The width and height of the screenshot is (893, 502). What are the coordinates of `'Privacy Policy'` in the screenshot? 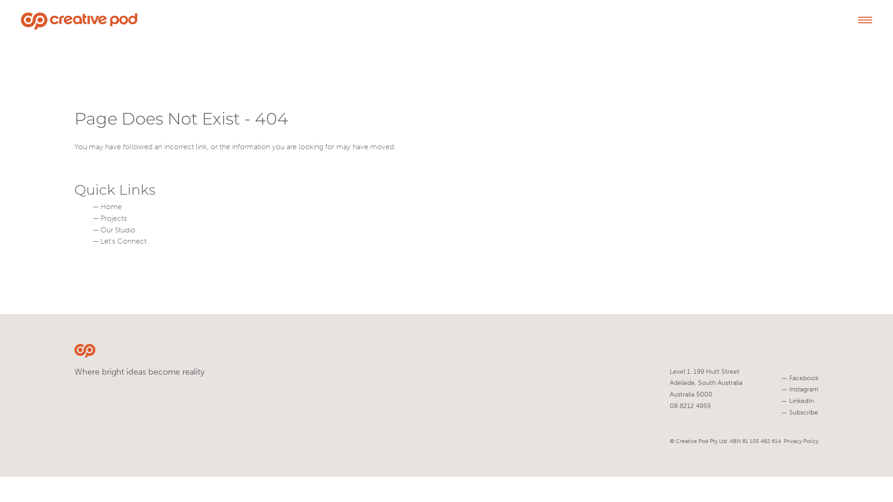 It's located at (800, 440).